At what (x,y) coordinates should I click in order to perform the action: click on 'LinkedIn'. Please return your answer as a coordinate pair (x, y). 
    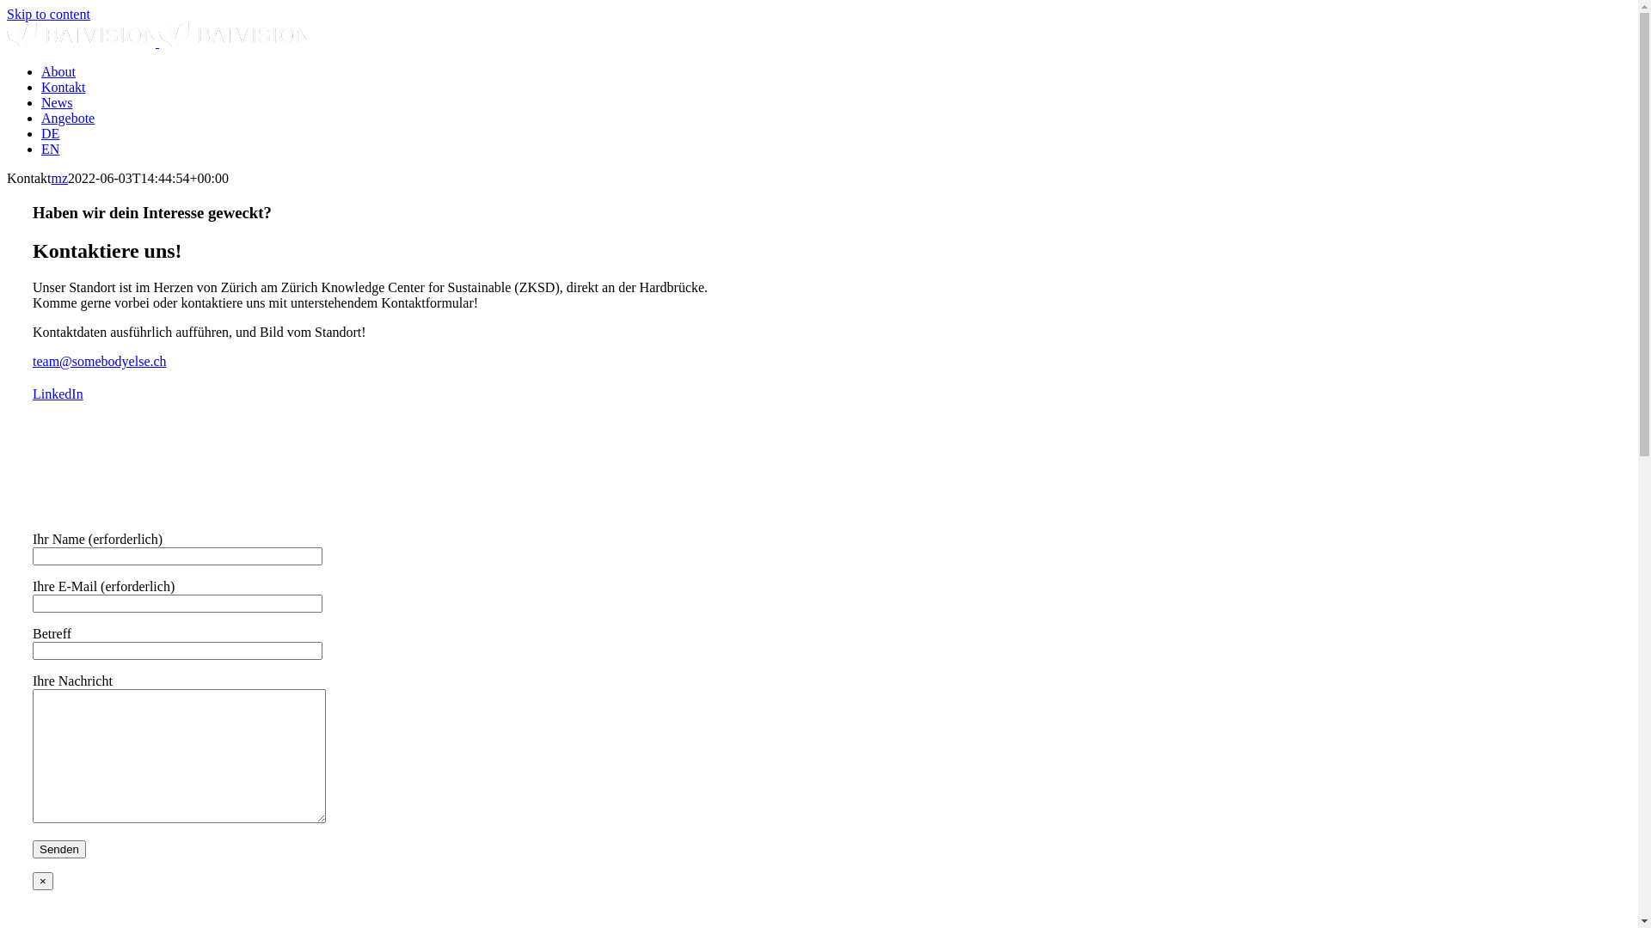
    Looking at the image, I should click on (58, 394).